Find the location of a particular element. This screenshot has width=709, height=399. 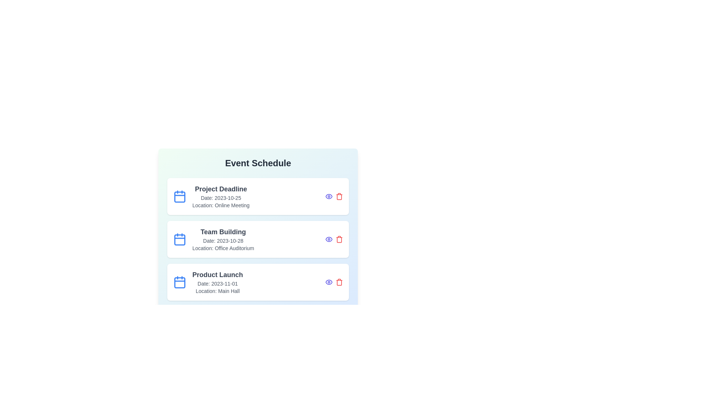

'View' button for the event with ID 3 is located at coordinates (329, 282).